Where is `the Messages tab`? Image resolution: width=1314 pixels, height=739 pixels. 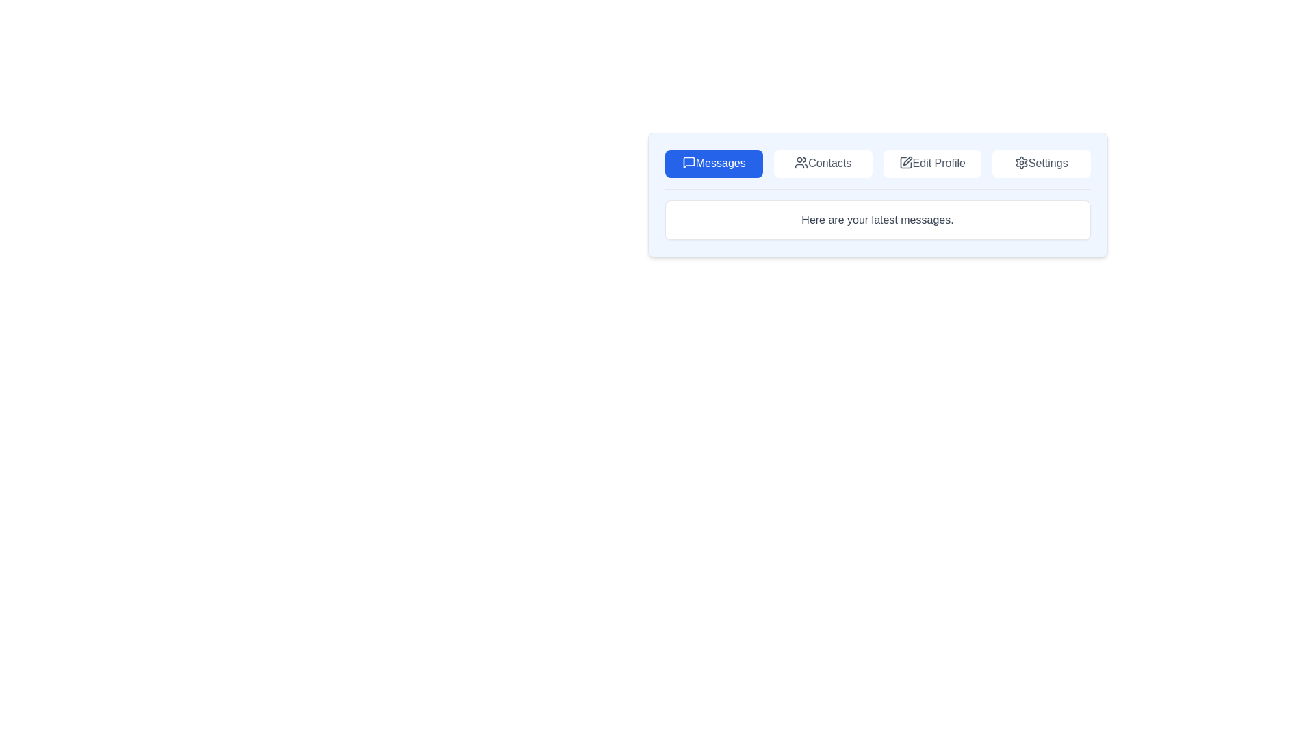
the Messages tab is located at coordinates (713, 163).